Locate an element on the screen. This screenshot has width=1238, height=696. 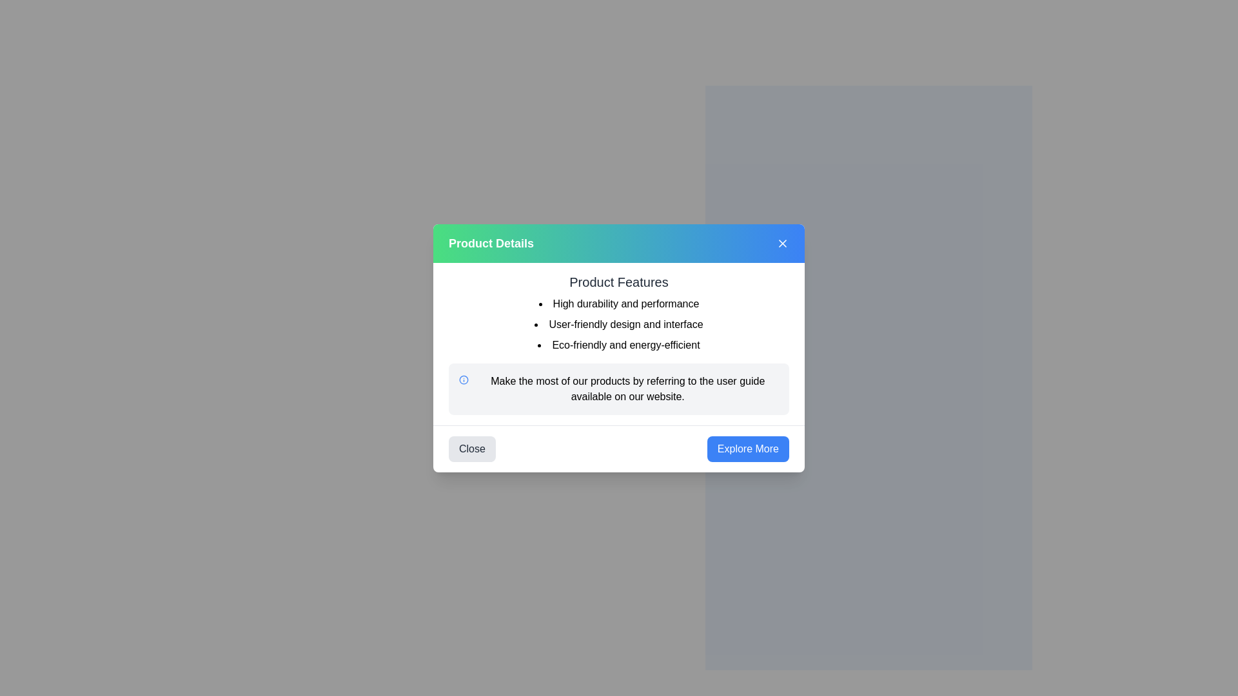
the informational banner with a light gray background and a blue 'i' icon, which contains the message about referring to the user guide on the website, located centrally beneath the 'Product Features' section is located at coordinates (619, 388).